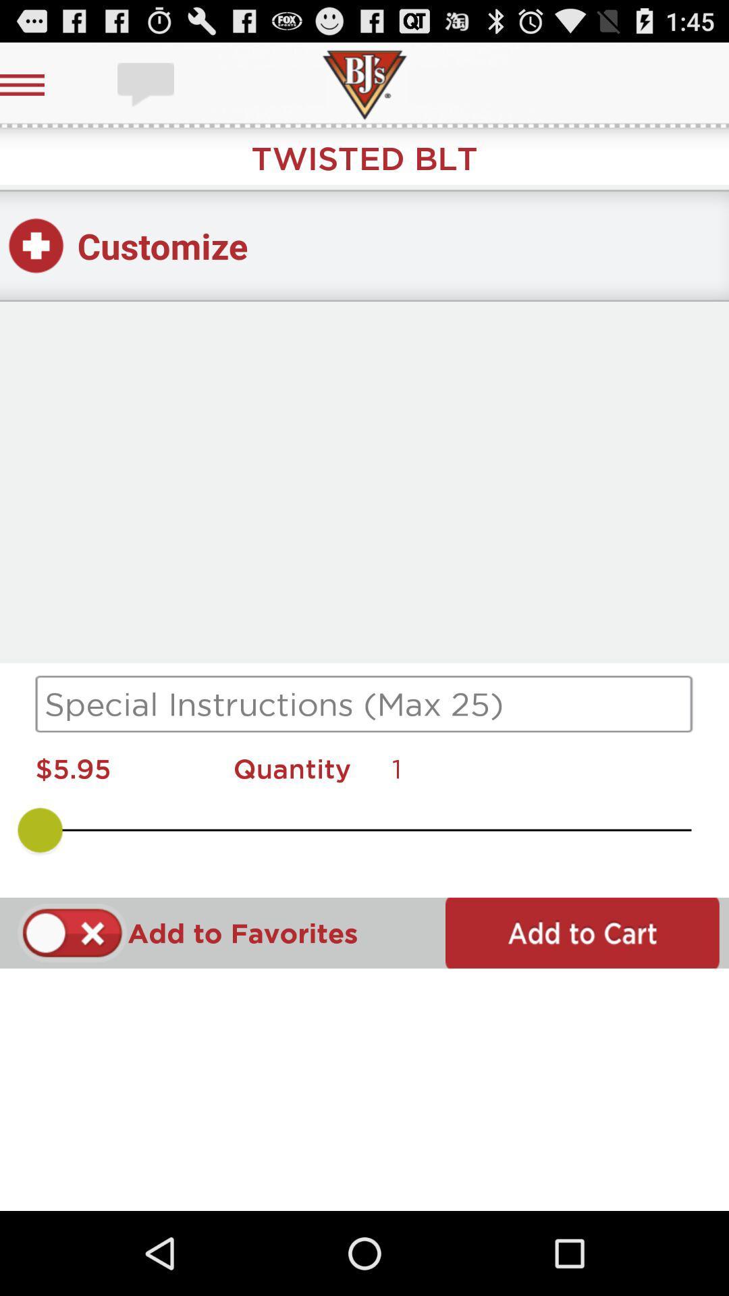 The height and width of the screenshot is (1296, 729). What do you see at coordinates (364, 703) in the screenshot?
I see `special instructions` at bounding box center [364, 703].